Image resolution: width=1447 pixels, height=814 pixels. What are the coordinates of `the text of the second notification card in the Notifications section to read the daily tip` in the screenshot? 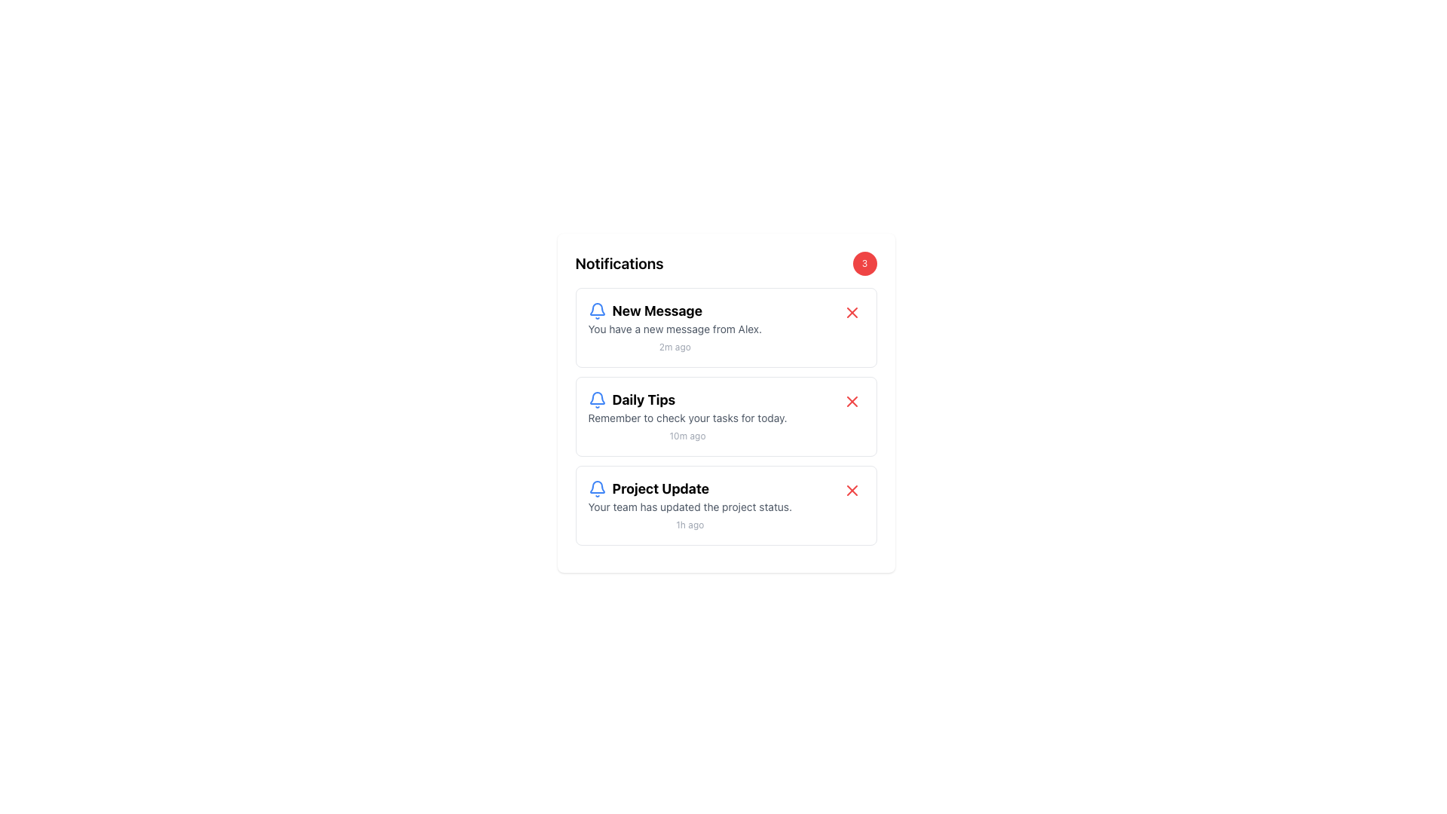 It's located at (726, 416).